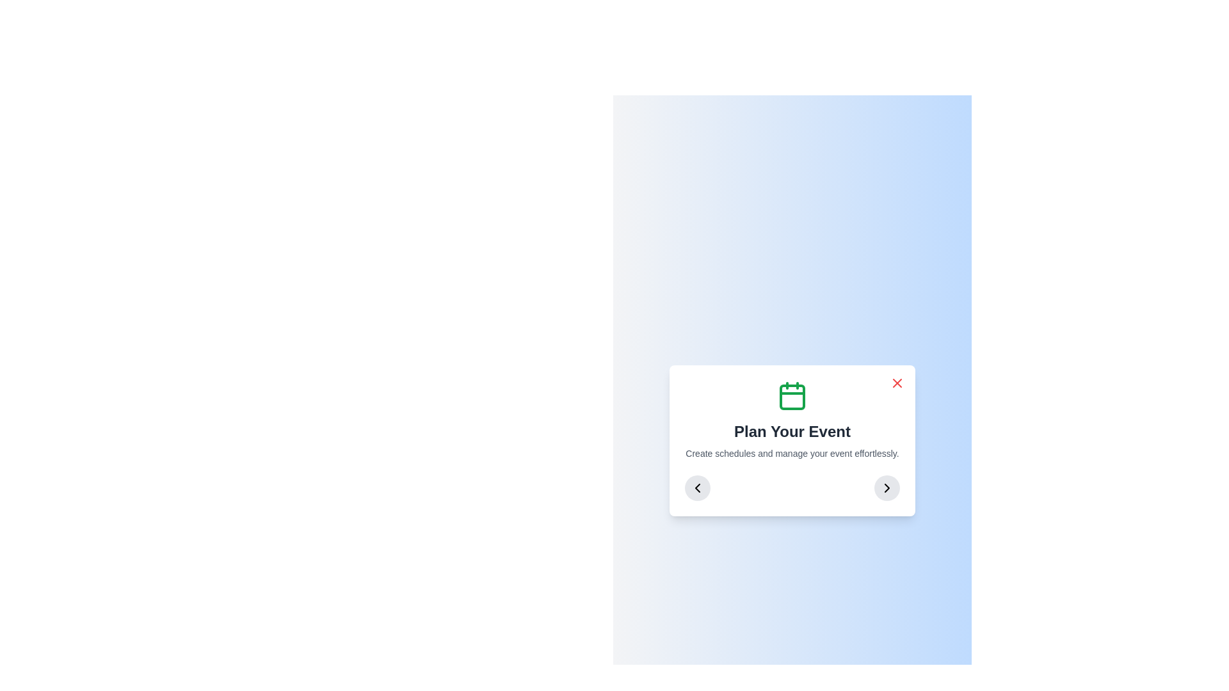 This screenshot has width=1229, height=691. Describe the element at coordinates (696, 488) in the screenshot. I see `the left-pointing chevron navigation icon located within a circular button at the bottom left corner of the white card layout` at that location.